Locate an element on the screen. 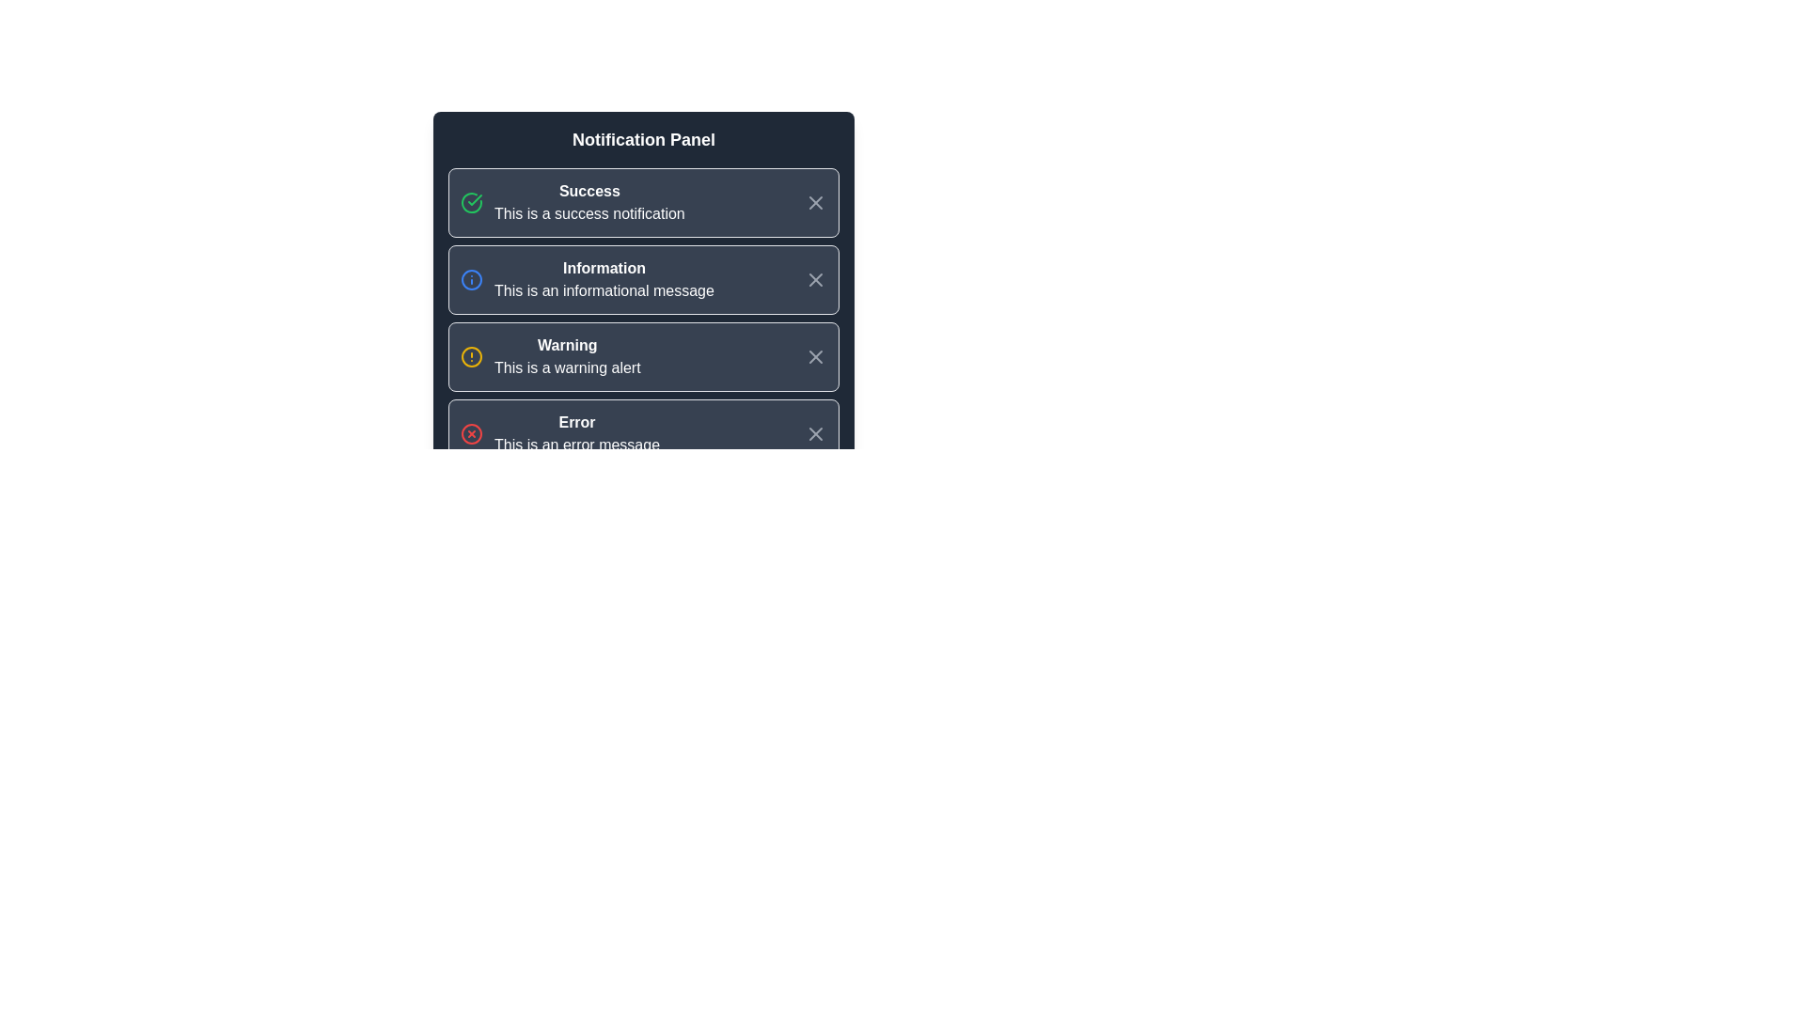  the close button on the right of the fourth notification box in the 'Notification Panel' is located at coordinates (644, 434).